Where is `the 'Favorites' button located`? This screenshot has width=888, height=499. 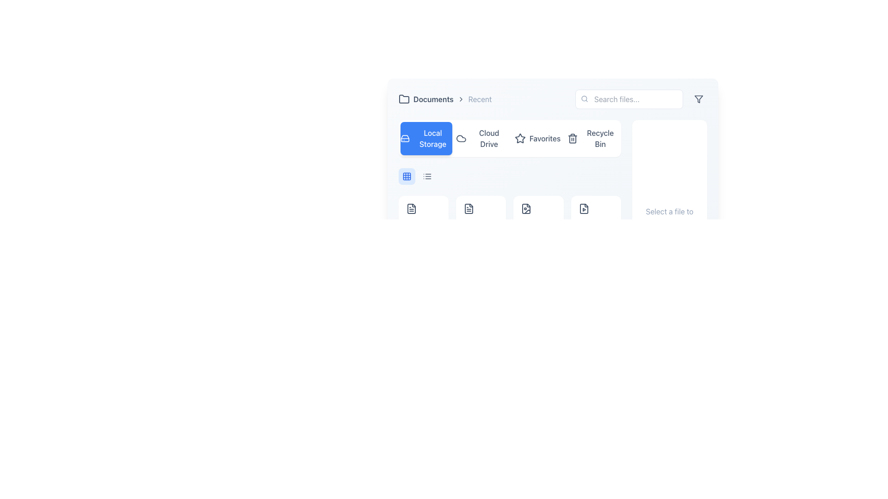 the 'Favorites' button located is located at coordinates (537, 139).